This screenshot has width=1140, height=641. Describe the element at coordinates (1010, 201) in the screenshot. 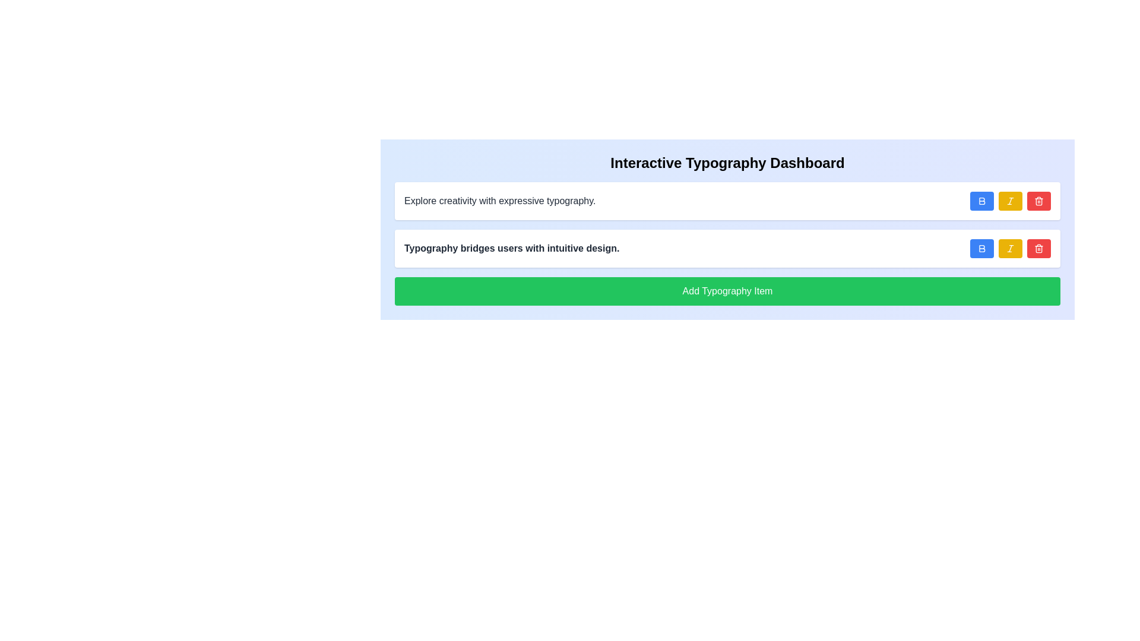

I see `the second icon in the group of three action icons on the right end of the toolbar` at that location.